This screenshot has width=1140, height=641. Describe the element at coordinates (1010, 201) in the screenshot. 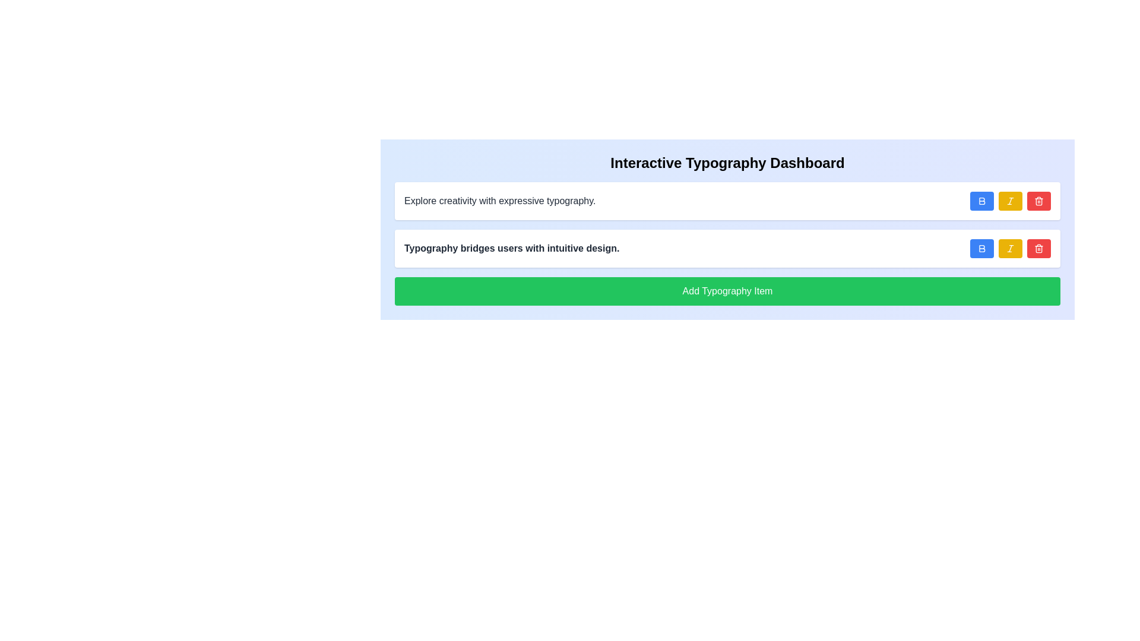

I see `the second icon in the group of three action icons on the right end of the toolbar` at that location.